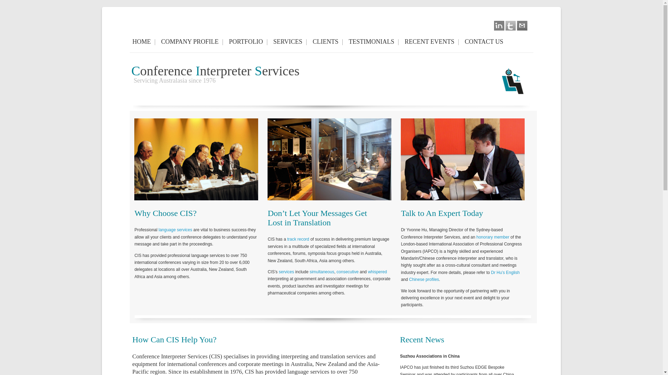 The height and width of the screenshot is (375, 668). Describe the element at coordinates (373, 42) in the screenshot. I see `'TESTIMONIALS'` at that location.